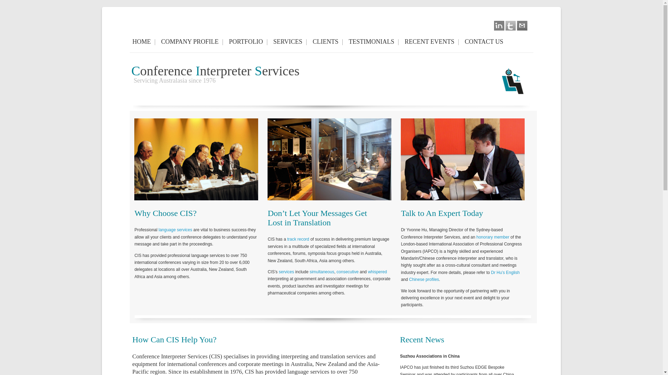 The height and width of the screenshot is (375, 668). Describe the element at coordinates (373, 42) in the screenshot. I see `'TESTIMONIALS'` at that location.